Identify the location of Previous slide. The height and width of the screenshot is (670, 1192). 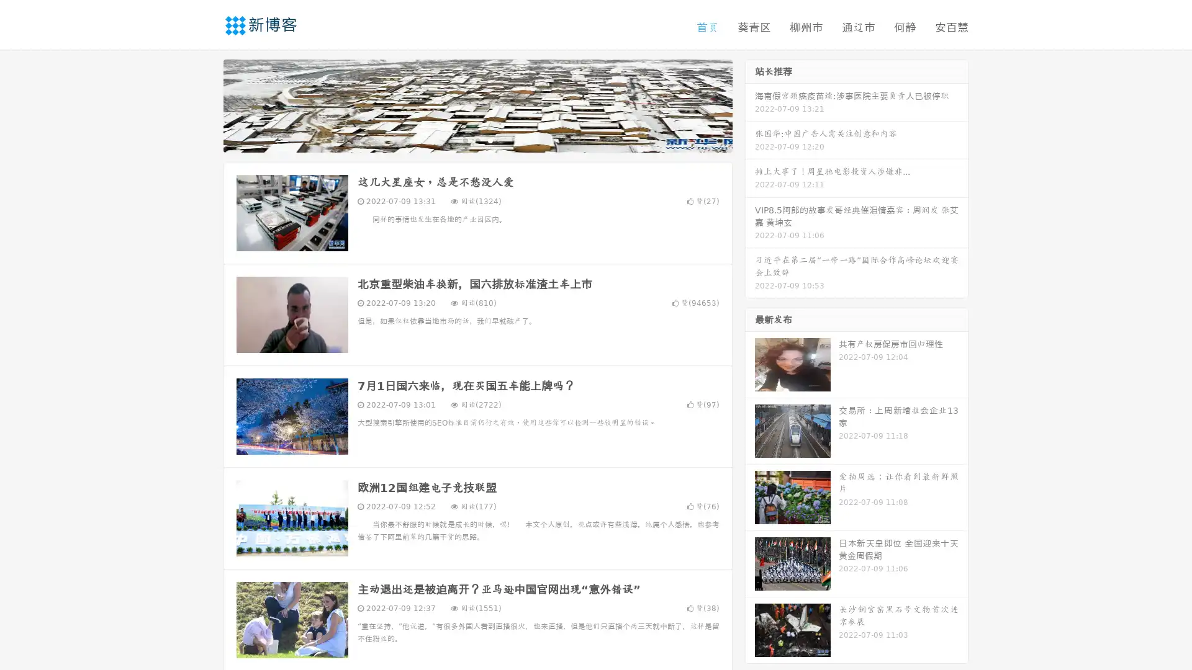
(205, 104).